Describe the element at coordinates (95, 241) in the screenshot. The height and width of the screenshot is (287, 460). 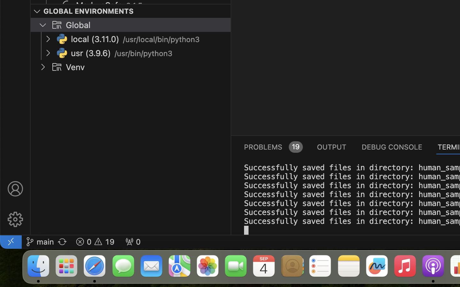
I see `'19  0 '` at that location.